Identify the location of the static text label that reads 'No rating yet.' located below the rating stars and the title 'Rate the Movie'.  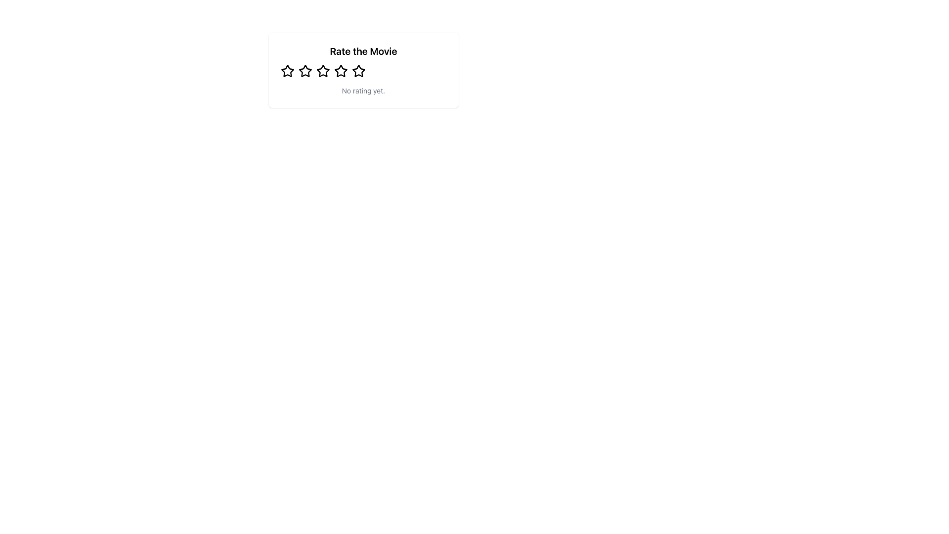
(363, 91).